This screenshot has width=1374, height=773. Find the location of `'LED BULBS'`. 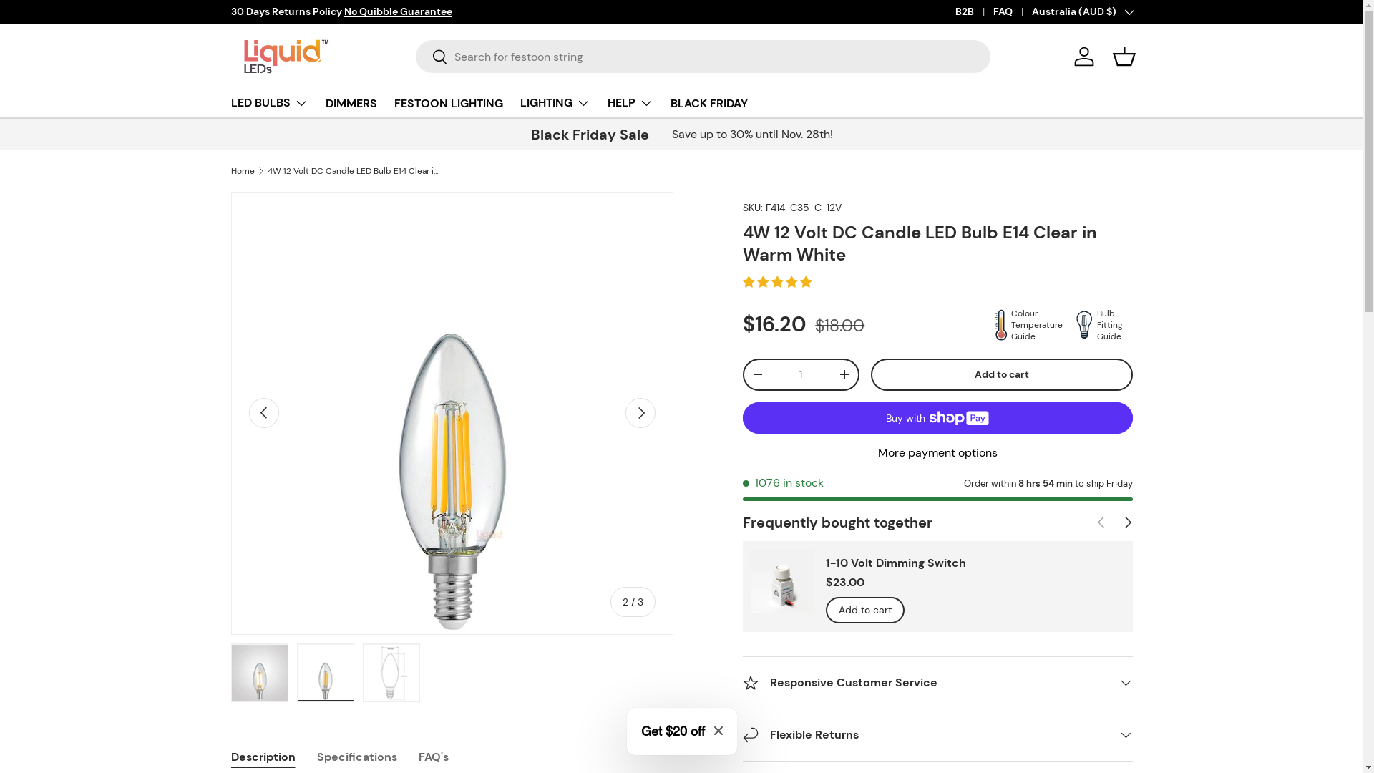

'LED BULBS' is located at coordinates (230, 102).